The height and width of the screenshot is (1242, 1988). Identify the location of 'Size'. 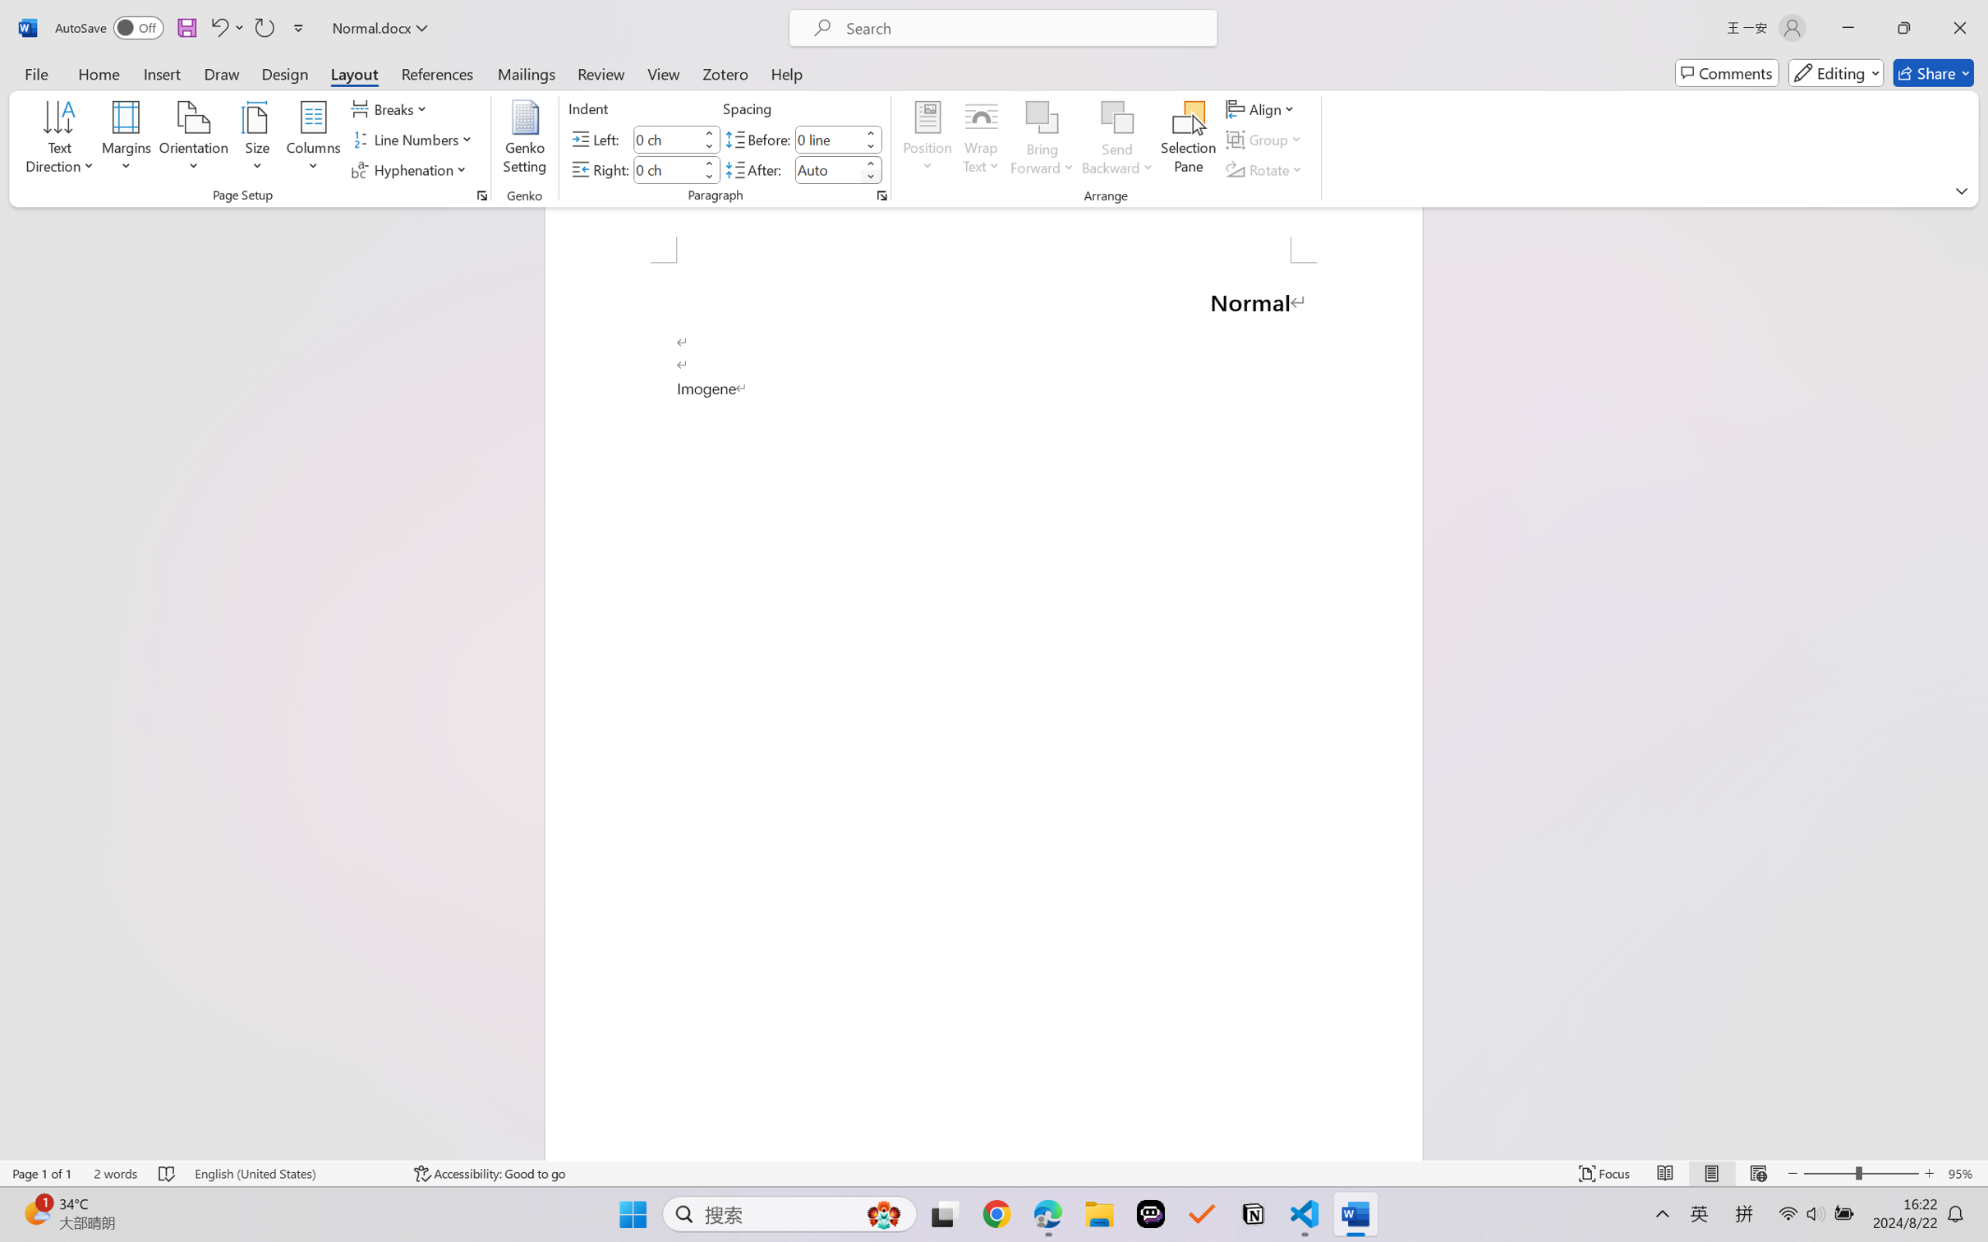
(258, 140).